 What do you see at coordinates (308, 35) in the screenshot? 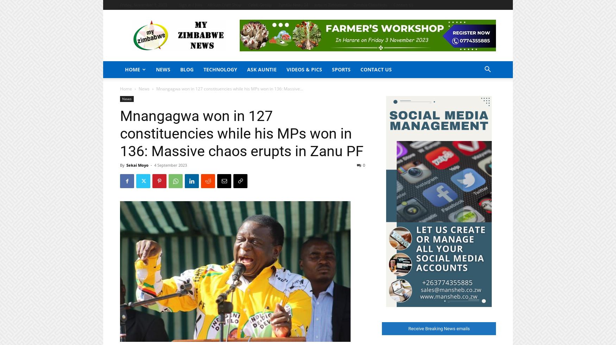
I see `'Search'` at bounding box center [308, 35].